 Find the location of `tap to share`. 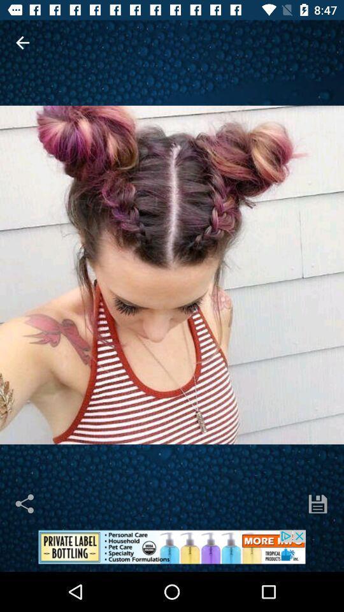

tap to share is located at coordinates (25, 504).